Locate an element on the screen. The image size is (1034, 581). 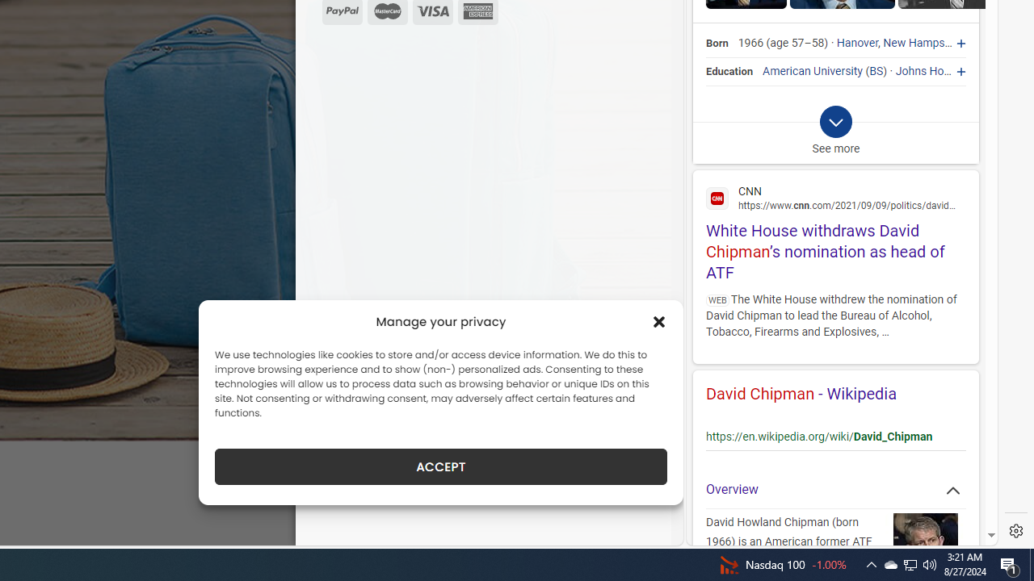
'Hanover' is located at coordinates (856, 43).